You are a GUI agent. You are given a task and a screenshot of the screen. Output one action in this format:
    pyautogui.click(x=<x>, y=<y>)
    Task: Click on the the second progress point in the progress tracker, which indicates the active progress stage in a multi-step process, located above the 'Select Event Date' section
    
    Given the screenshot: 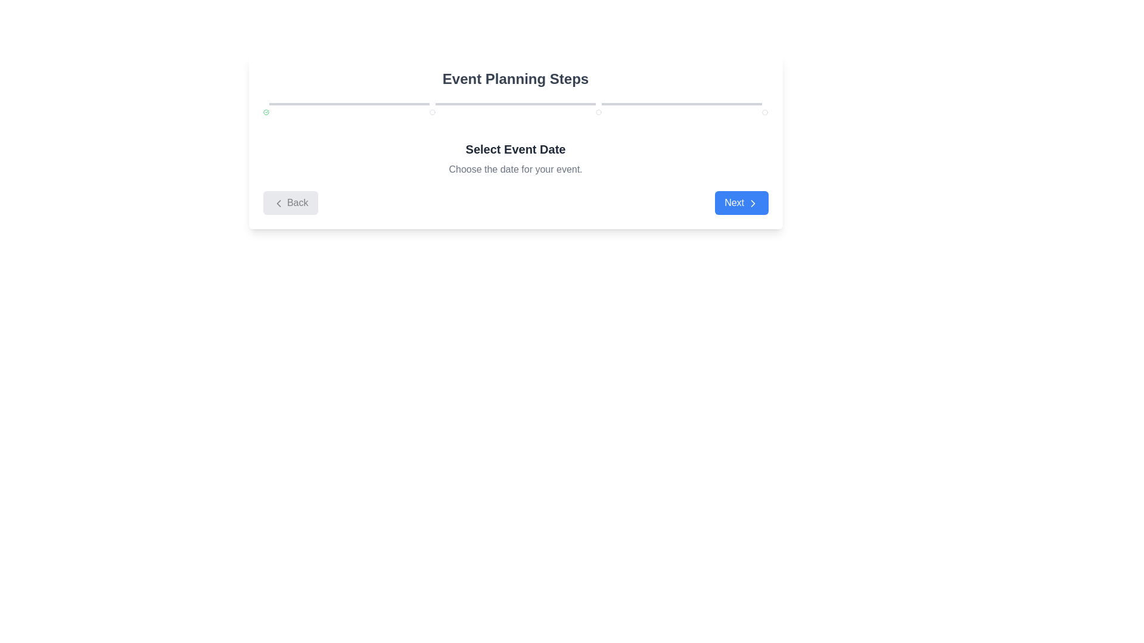 What is the action you would take?
    pyautogui.click(x=431, y=113)
    